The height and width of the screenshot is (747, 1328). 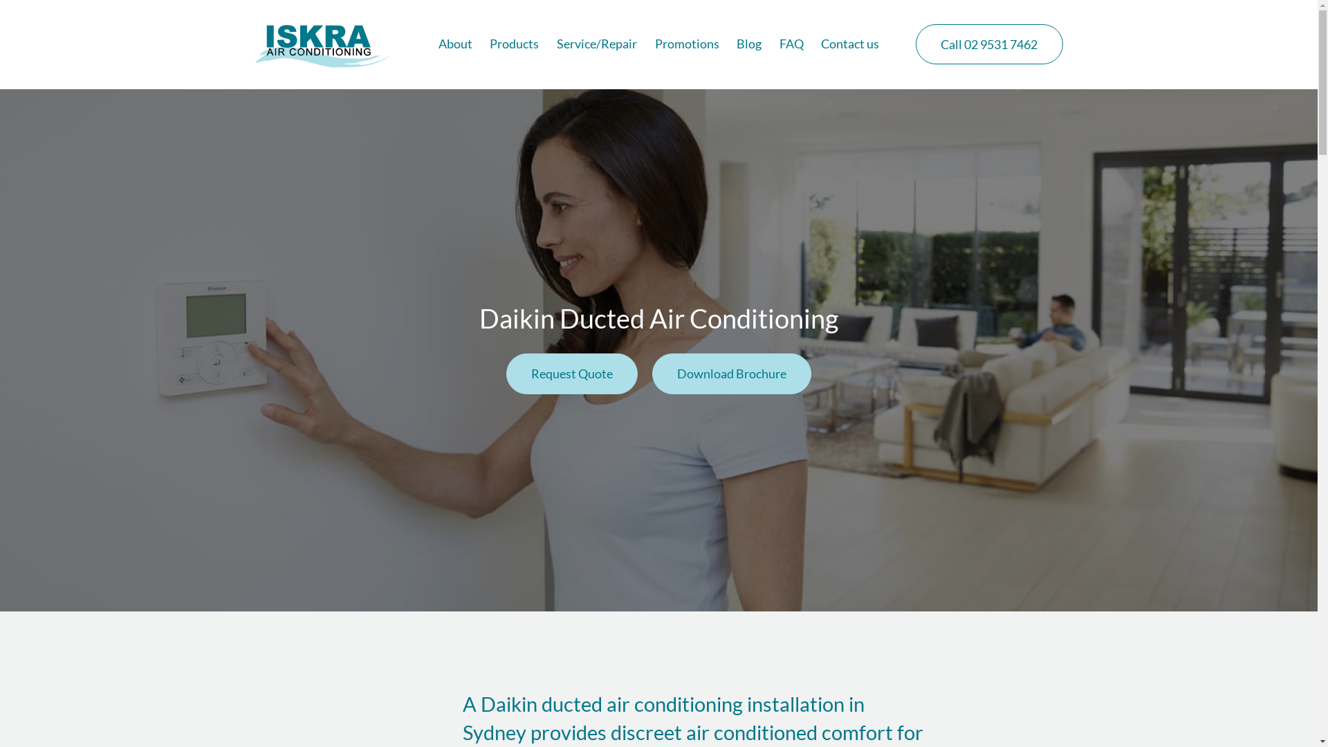 What do you see at coordinates (513, 44) in the screenshot?
I see `'Products'` at bounding box center [513, 44].